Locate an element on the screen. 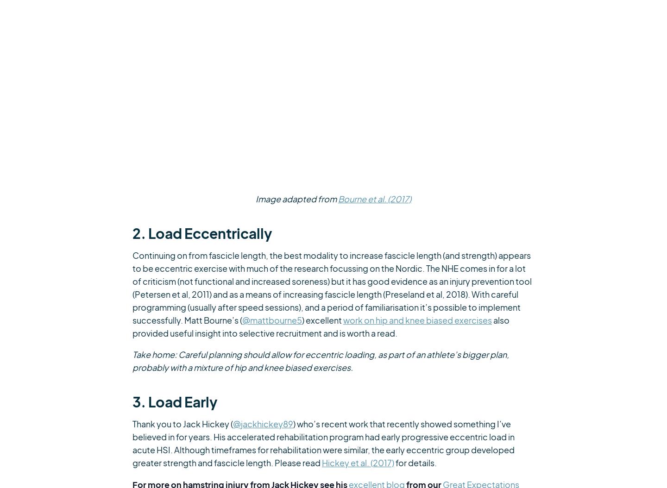 Image resolution: width=667 pixels, height=488 pixels. 'work on hip and knee biased exercises' is located at coordinates (417, 319).